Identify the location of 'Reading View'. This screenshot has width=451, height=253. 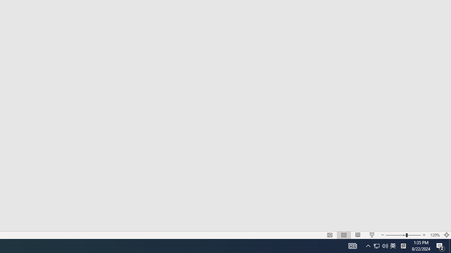
(358, 235).